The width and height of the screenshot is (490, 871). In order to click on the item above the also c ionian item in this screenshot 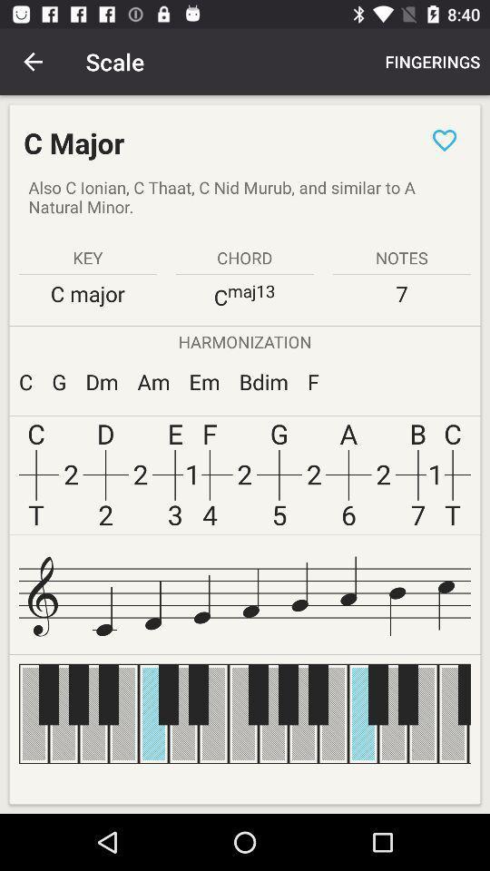, I will do `click(444, 139)`.